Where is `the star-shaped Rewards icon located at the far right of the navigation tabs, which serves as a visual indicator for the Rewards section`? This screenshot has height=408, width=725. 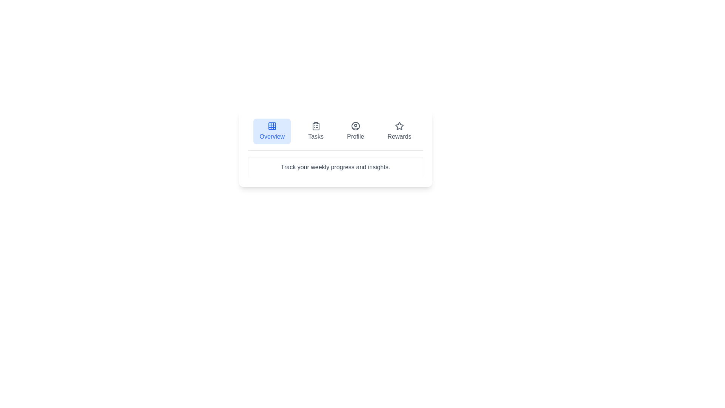
the star-shaped Rewards icon located at the far right of the navigation tabs, which serves as a visual indicator for the Rewards section is located at coordinates (399, 125).